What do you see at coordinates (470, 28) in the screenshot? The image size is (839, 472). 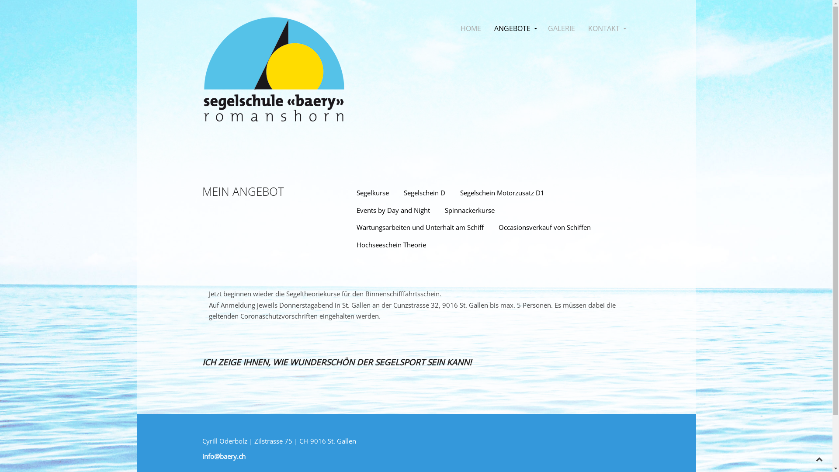 I see `'HOME'` at bounding box center [470, 28].